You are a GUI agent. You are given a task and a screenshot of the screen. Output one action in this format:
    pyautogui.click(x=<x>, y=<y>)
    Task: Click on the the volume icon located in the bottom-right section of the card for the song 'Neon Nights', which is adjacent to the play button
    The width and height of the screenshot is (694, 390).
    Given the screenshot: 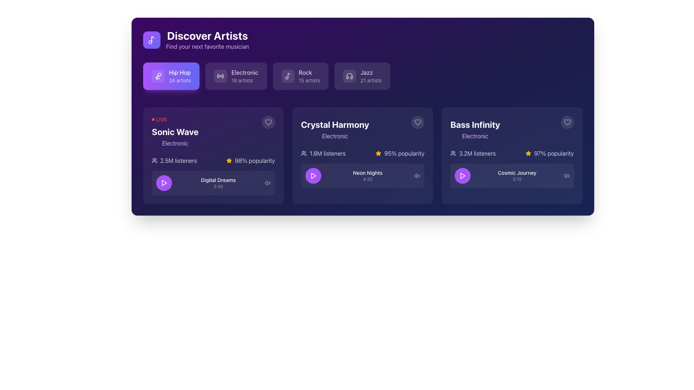 What is the action you would take?
    pyautogui.click(x=417, y=175)
    